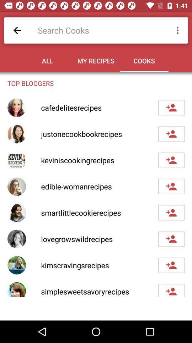 This screenshot has width=192, height=343. I want to click on to contacts, so click(171, 160).